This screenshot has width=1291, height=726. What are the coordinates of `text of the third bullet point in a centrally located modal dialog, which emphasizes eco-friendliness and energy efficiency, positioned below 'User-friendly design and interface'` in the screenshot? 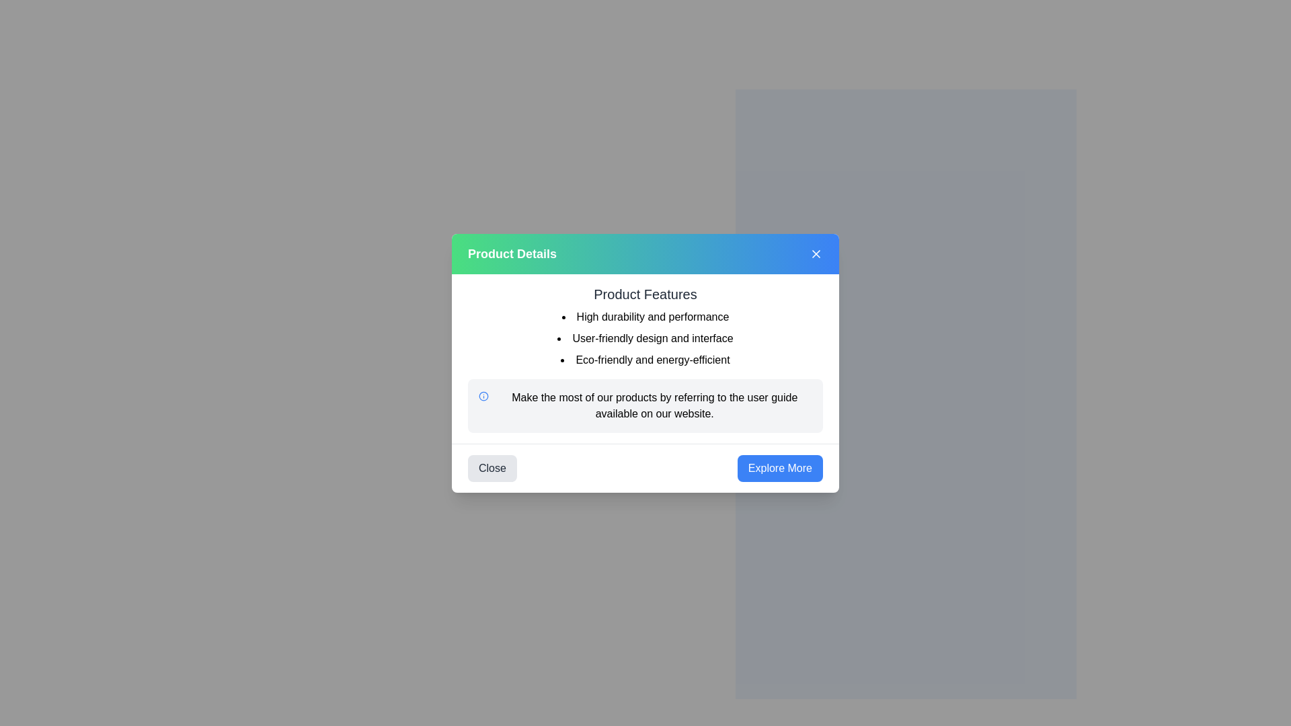 It's located at (645, 359).